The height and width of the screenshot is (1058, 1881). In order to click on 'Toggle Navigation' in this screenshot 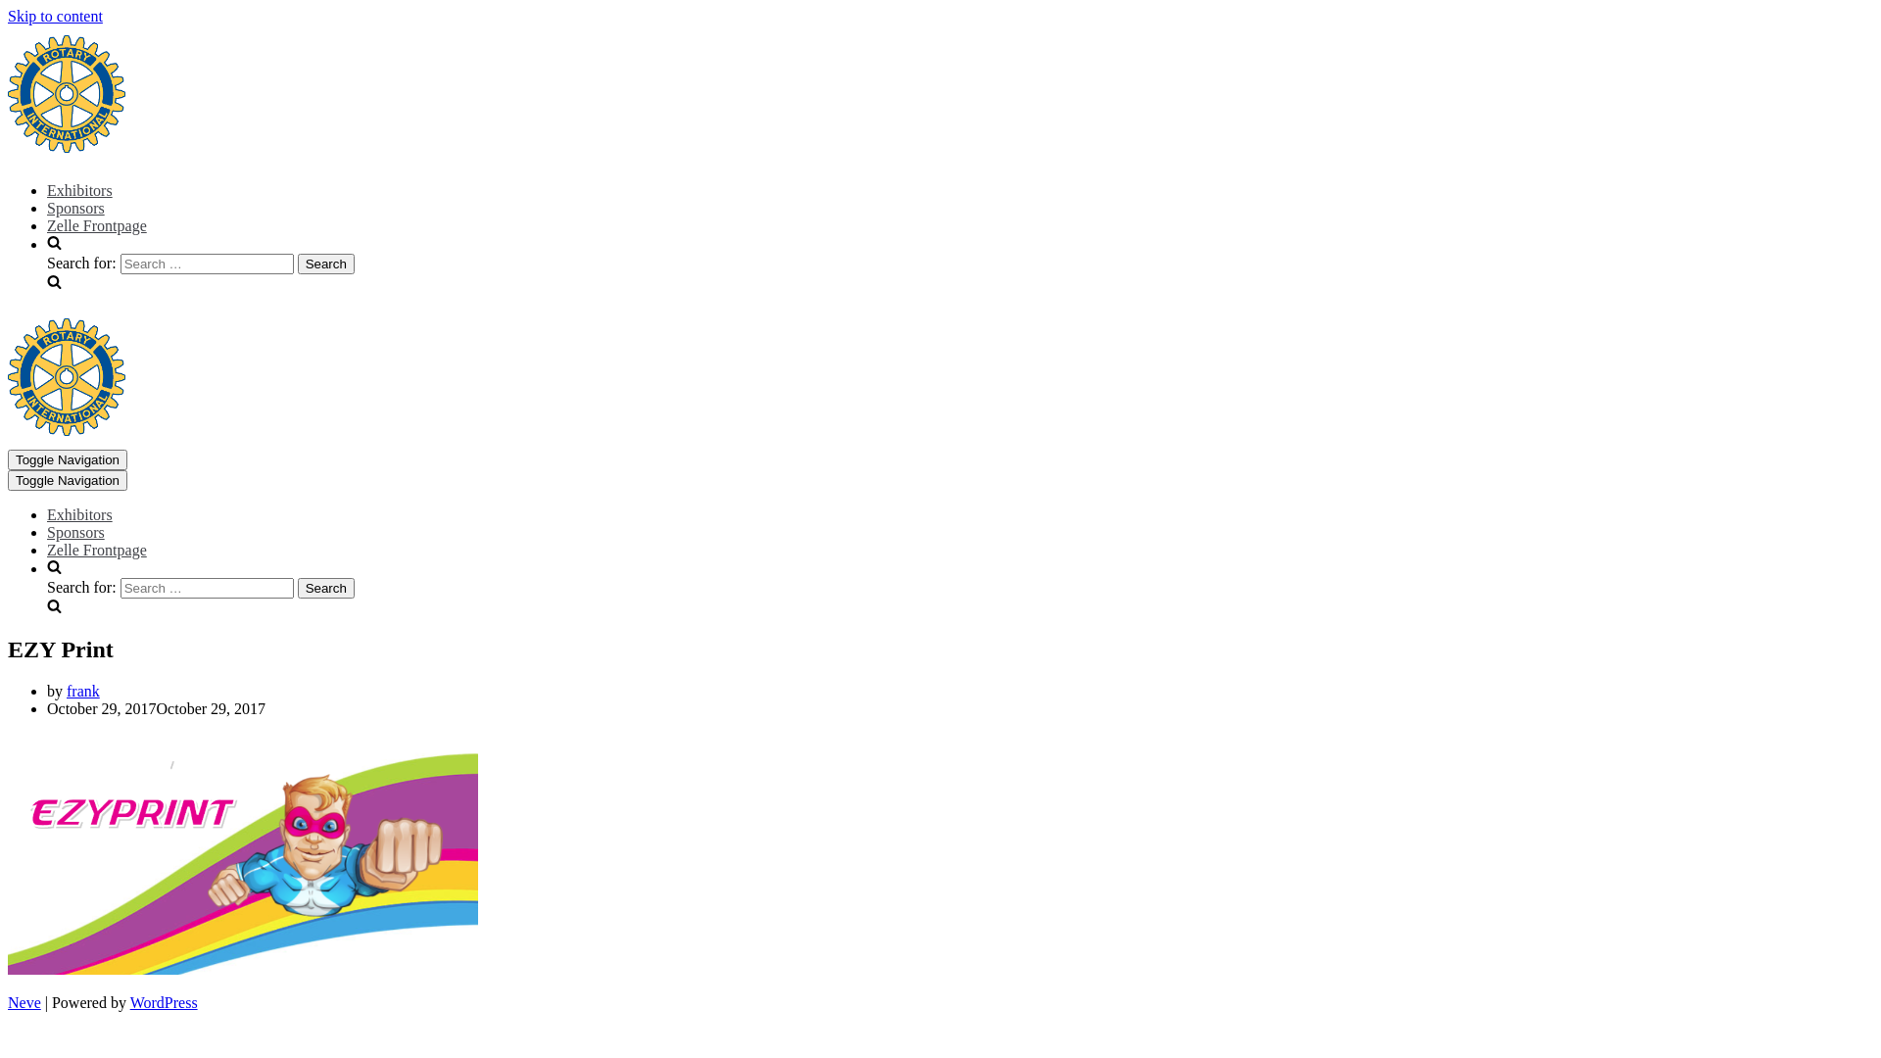, I will do `click(67, 459)`.